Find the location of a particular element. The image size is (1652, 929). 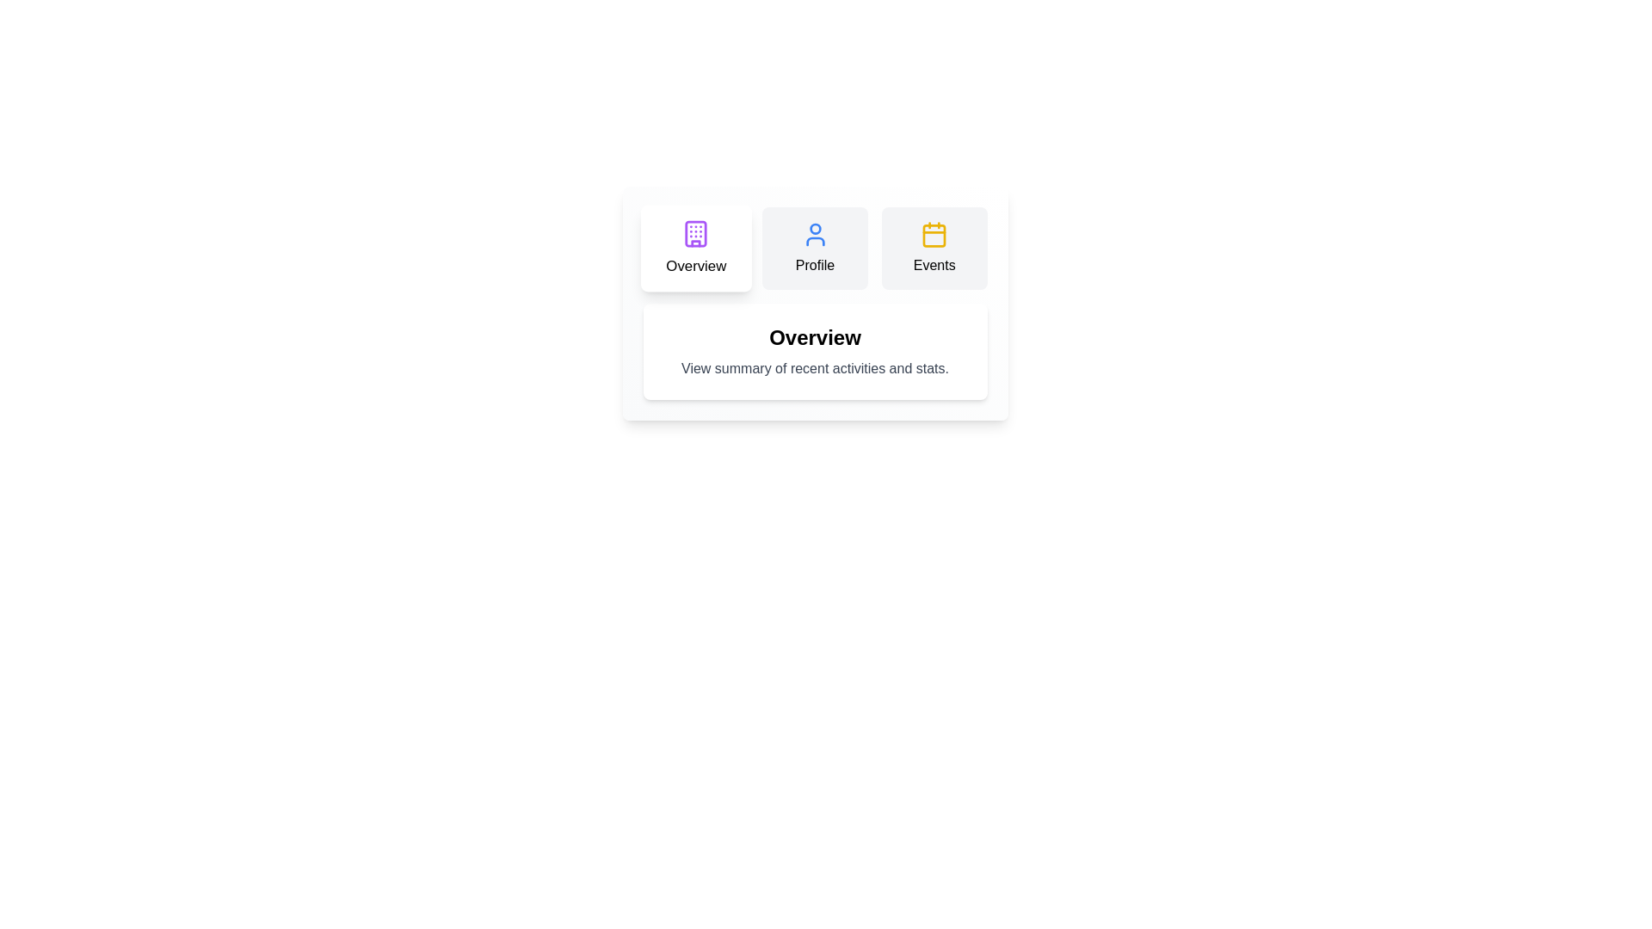

the tab button labeled Overview to switch to the corresponding tab is located at coordinates (695, 249).